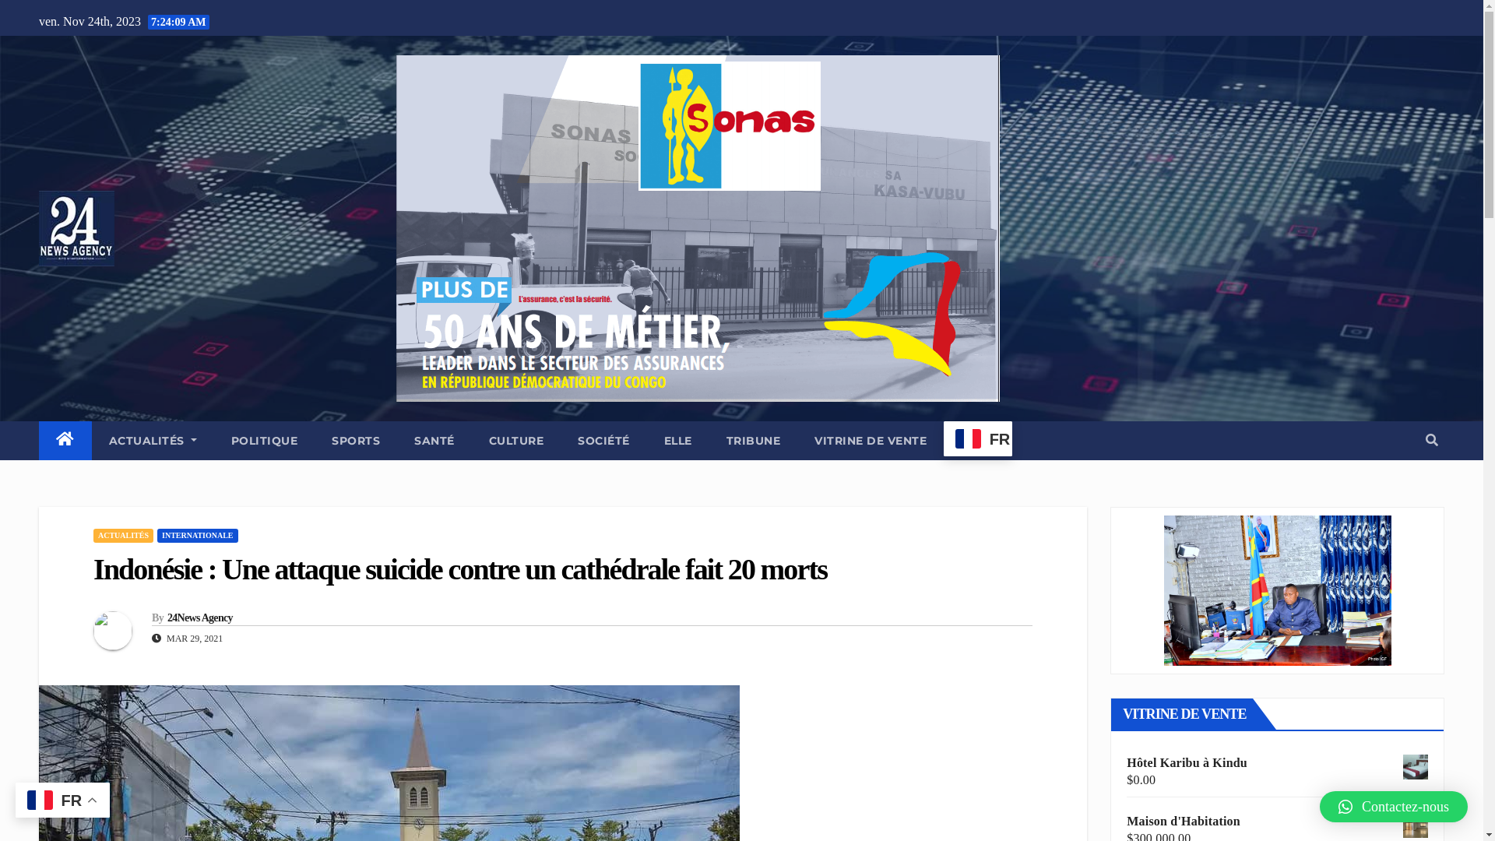 This screenshot has width=1495, height=841. What do you see at coordinates (167, 617) in the screenshot?
I see `'24News Agency'` at bounding box center [167, 617].